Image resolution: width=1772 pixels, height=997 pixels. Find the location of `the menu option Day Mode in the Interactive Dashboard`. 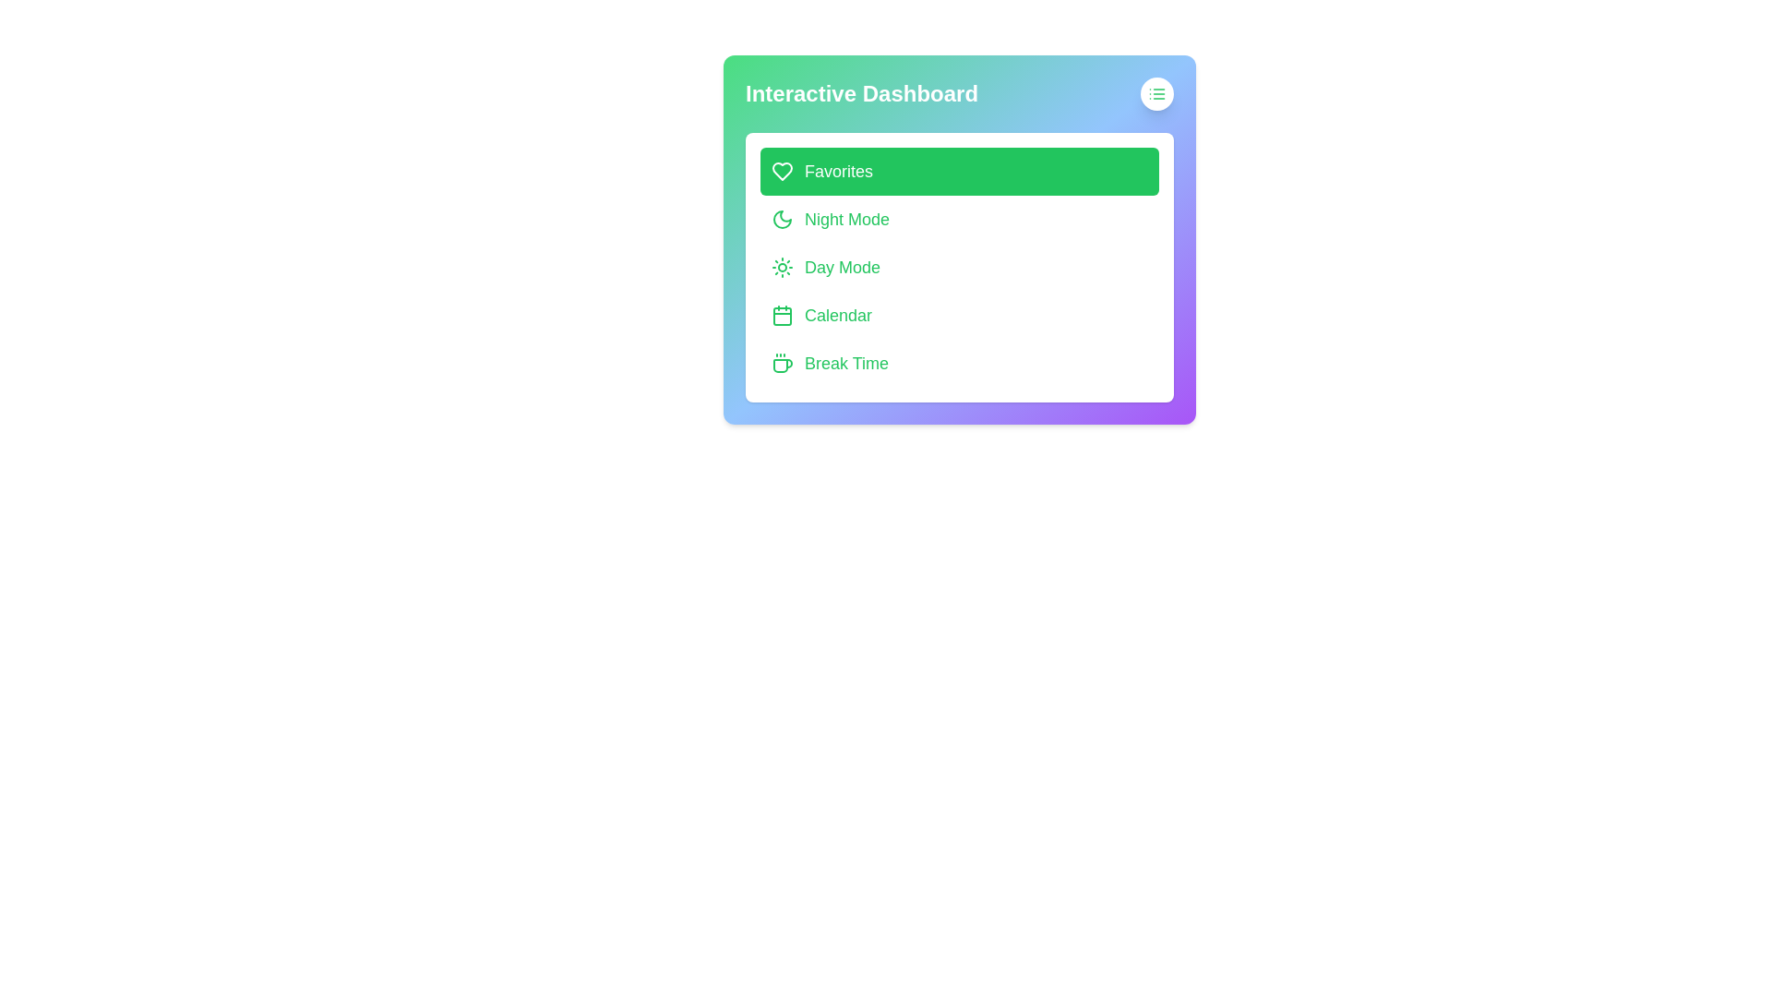

the menu option Day Mode in the Interactive Dashboard is located at coordinates (960, 267).